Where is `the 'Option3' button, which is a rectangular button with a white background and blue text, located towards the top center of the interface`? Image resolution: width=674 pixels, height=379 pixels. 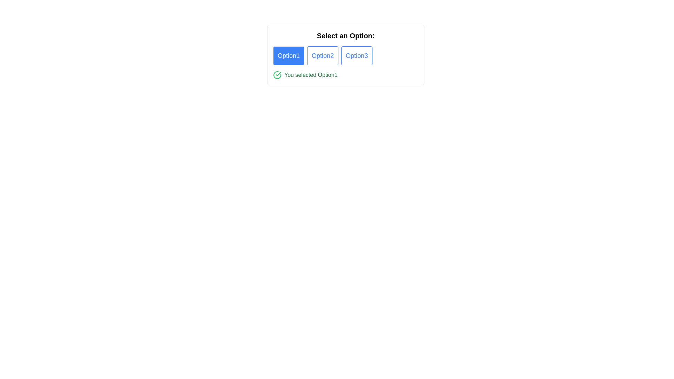 the 'Option3' button, which is a rectangular button with a white background and blue text, located towards the top center of the interface is located at coordinates (357, 55).